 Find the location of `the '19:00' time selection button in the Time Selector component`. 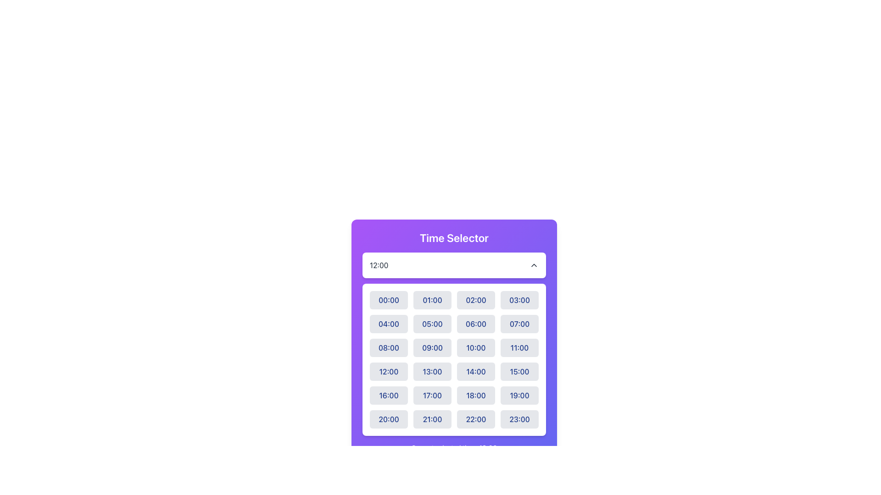

the '19:00' time selection button in the Time Selector component is located at coordinates (519, 395).